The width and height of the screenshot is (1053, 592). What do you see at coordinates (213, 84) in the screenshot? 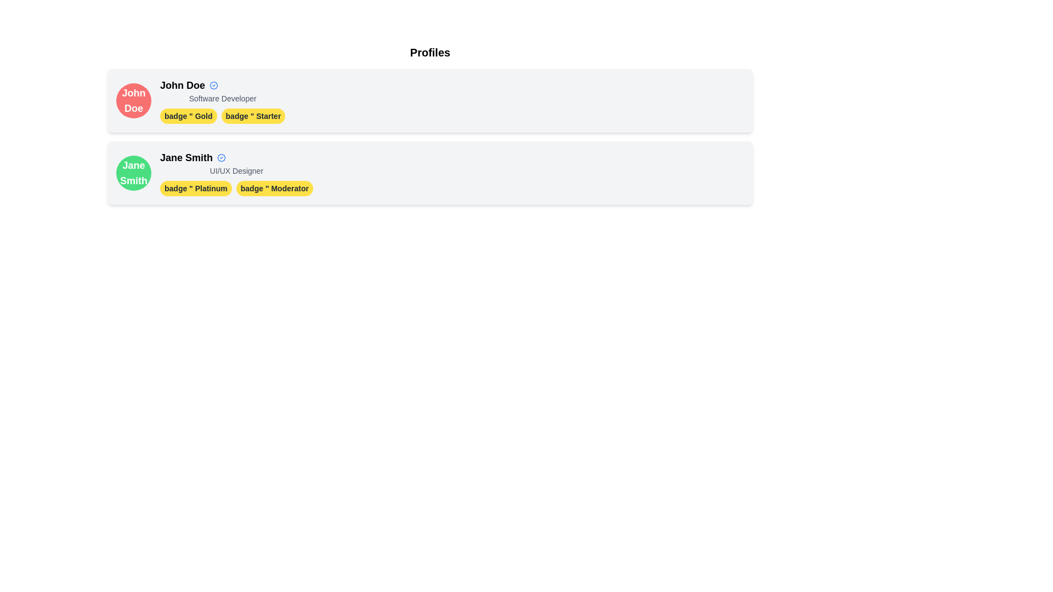
I see `the decorative badge with a blue outline and white center located adjacent to the text 'John Doe' in the first profile card` at bounding box center [213, 84].